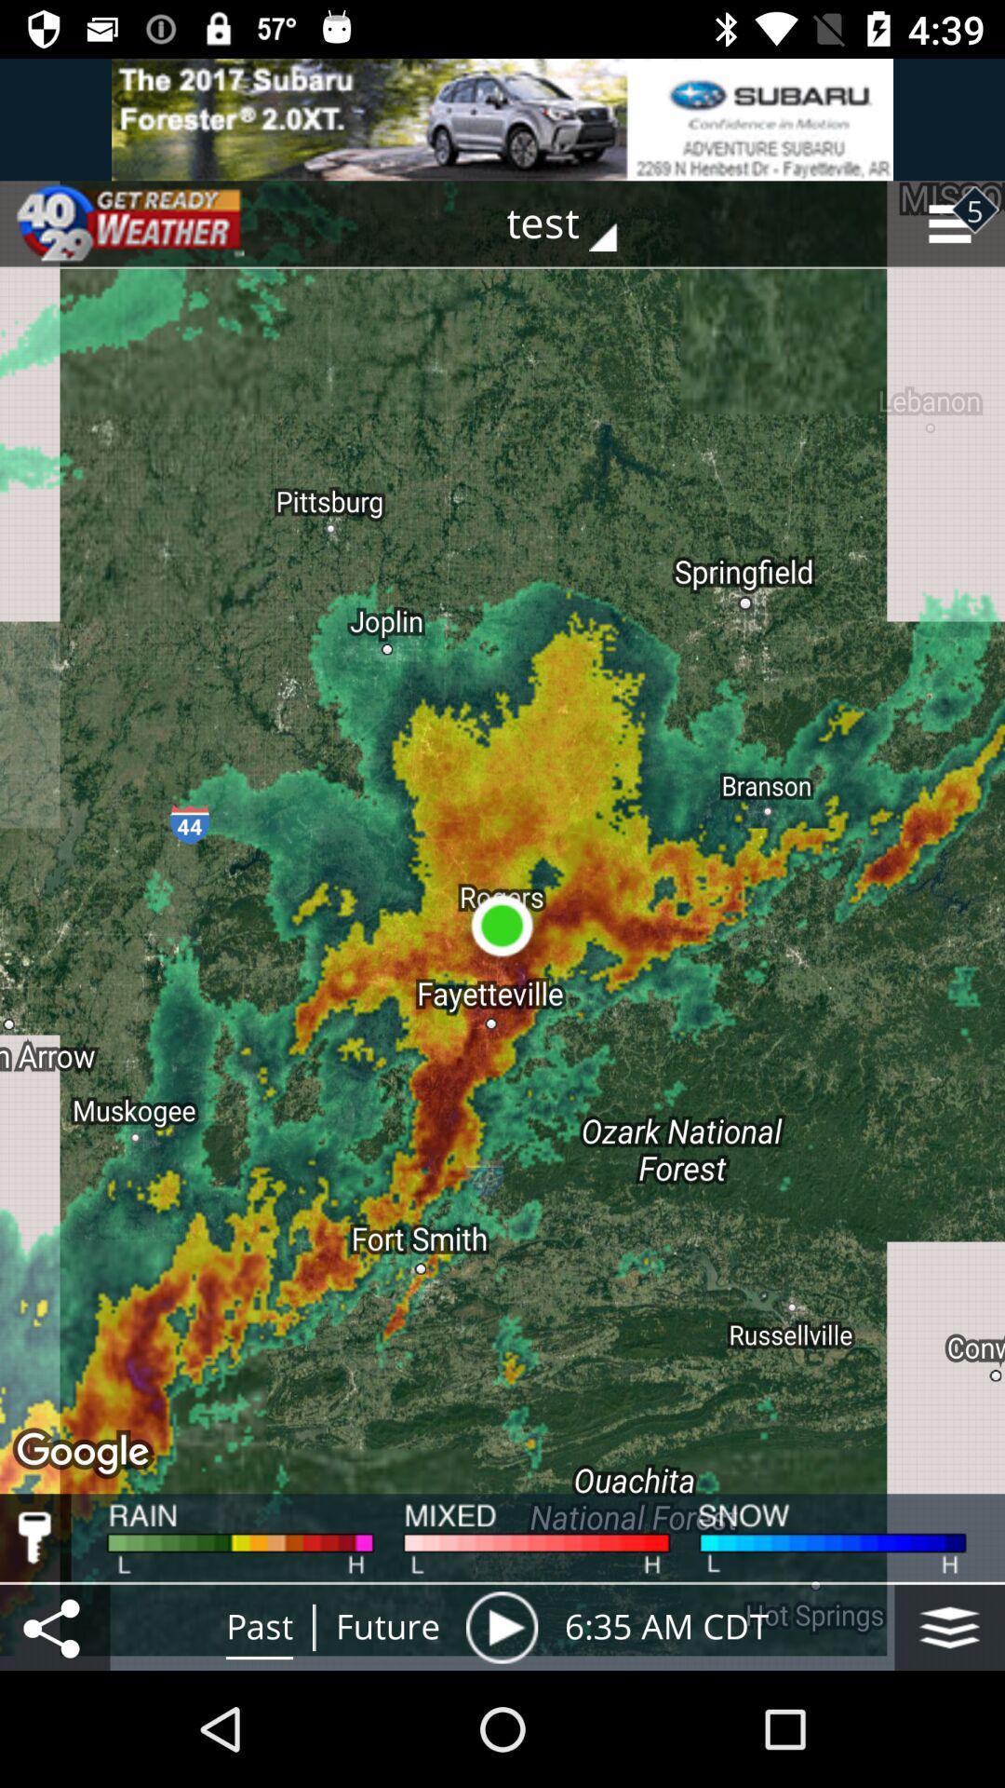  What do you see at coordinates (501, 1626) in the screenshot?
I see `see future maps` at bounding box center [501, 1626].